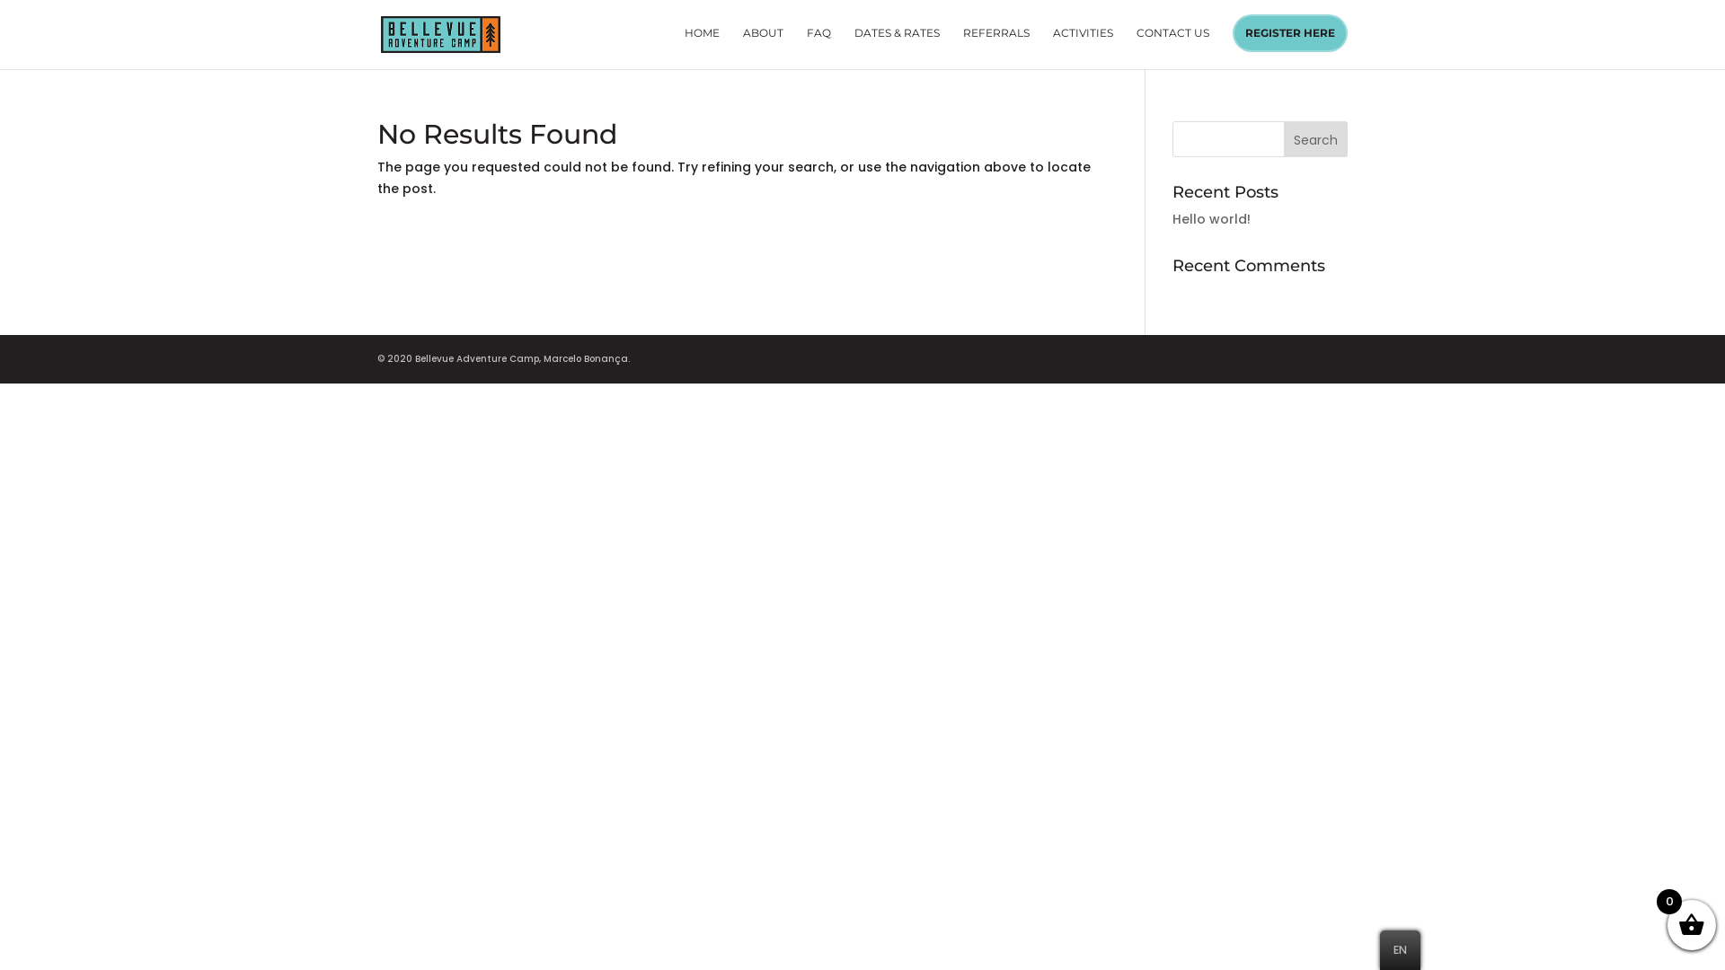  I want to click on 'REGISTER HERE', so click(1288, 33).